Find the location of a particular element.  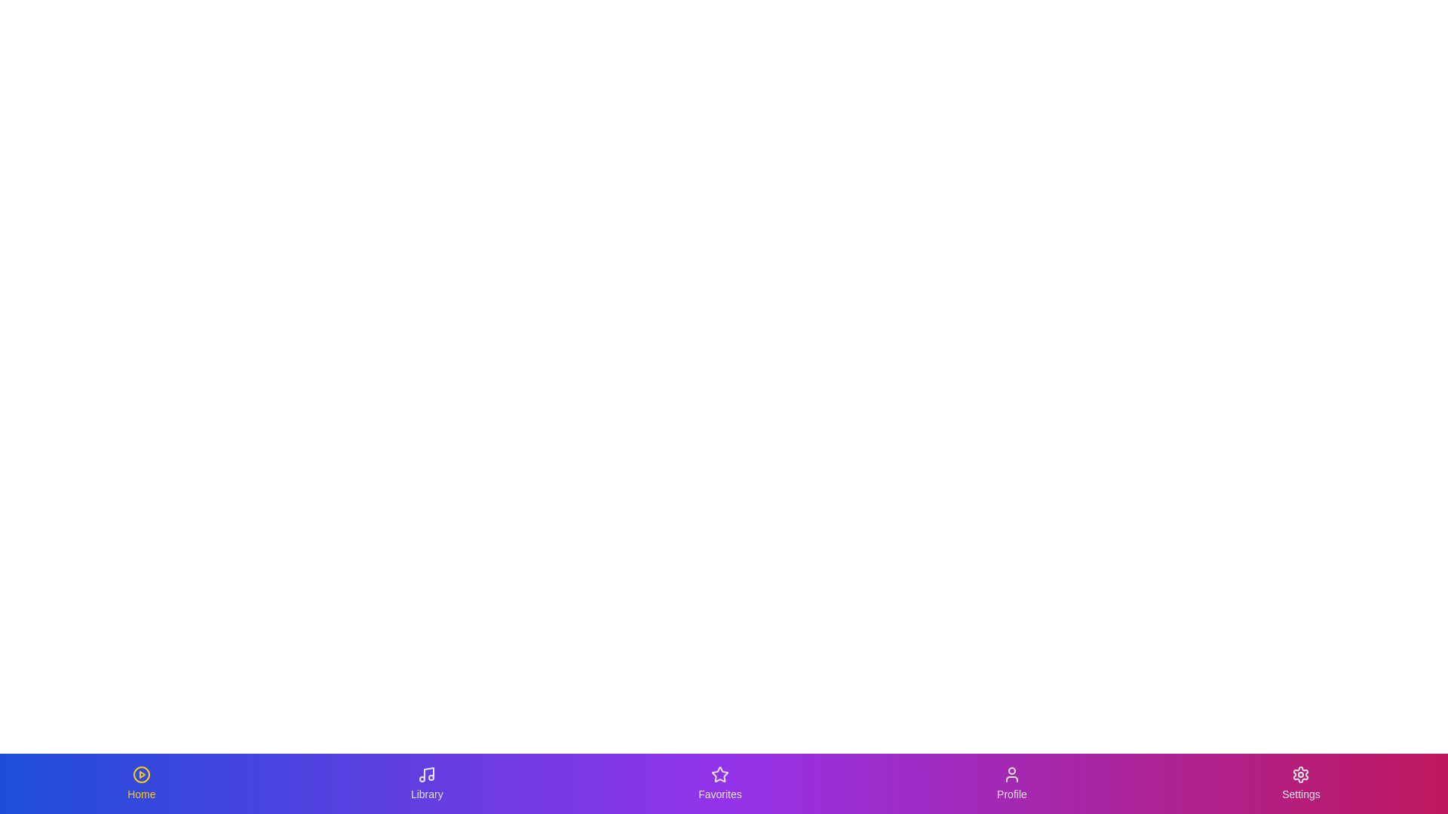

the Favorites tab to switch to its view is located at coordinates (719, 783).